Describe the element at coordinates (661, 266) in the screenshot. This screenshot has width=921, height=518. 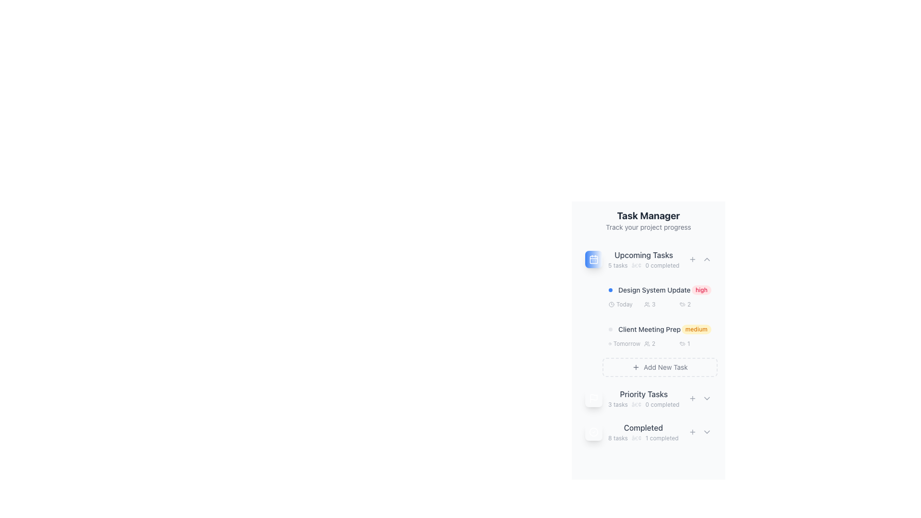
I see `the status text label displaying completed tasks in the 'Upcoming Tasks' category, positioned to the right of '5 tasks.'` at that location.